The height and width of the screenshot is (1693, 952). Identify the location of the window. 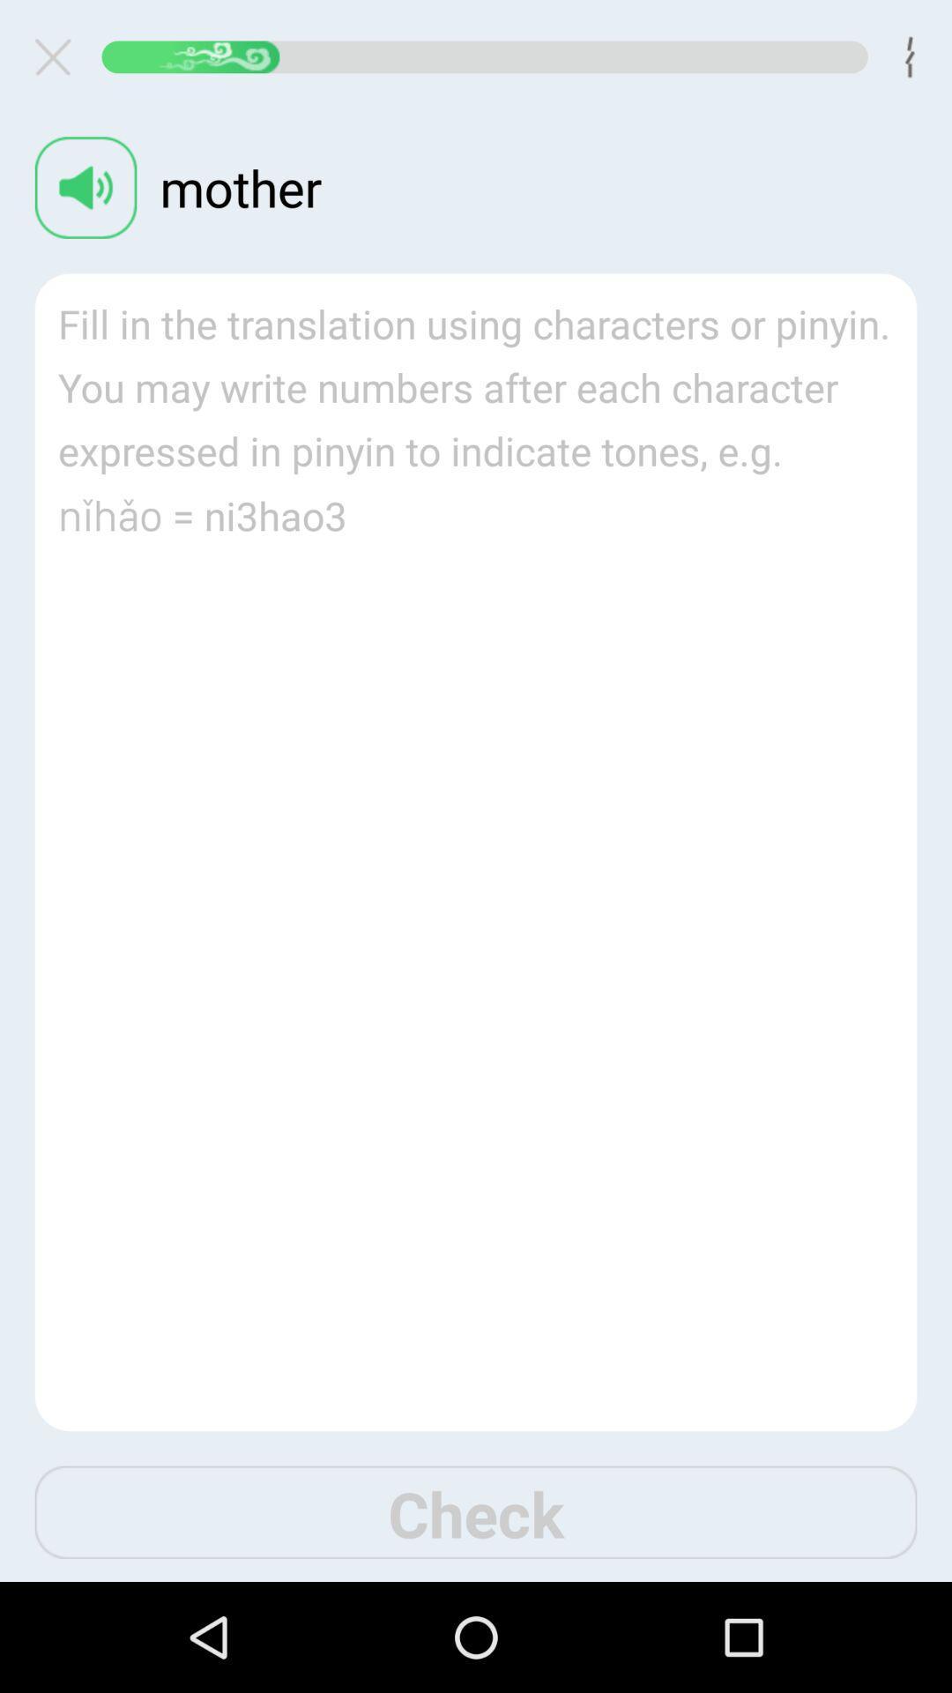
(59, 56).